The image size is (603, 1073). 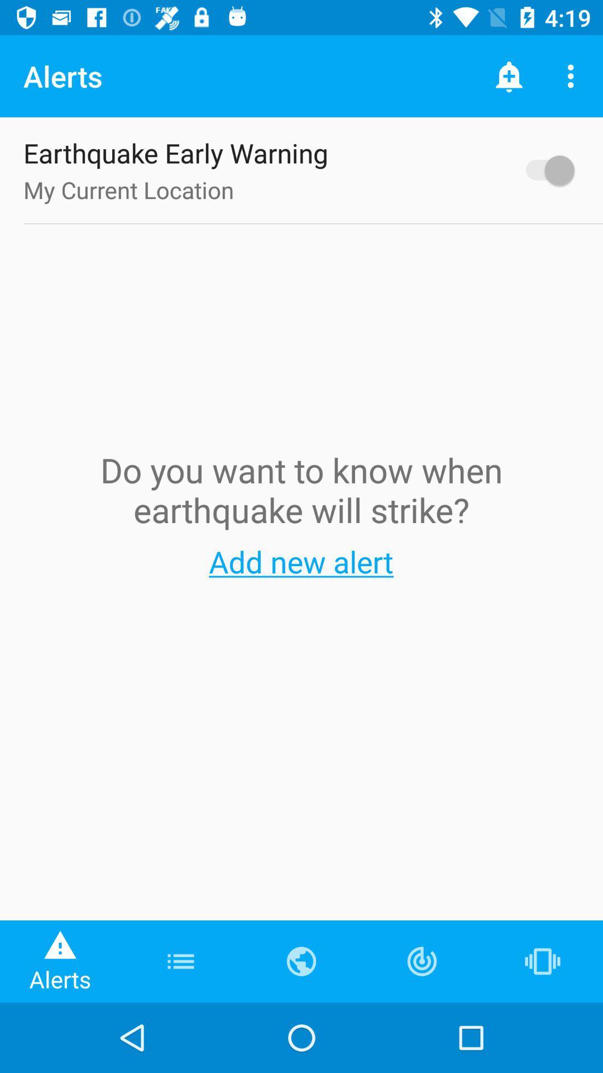 I want to click on the icon above the do you want, so click(x=544, y=169).